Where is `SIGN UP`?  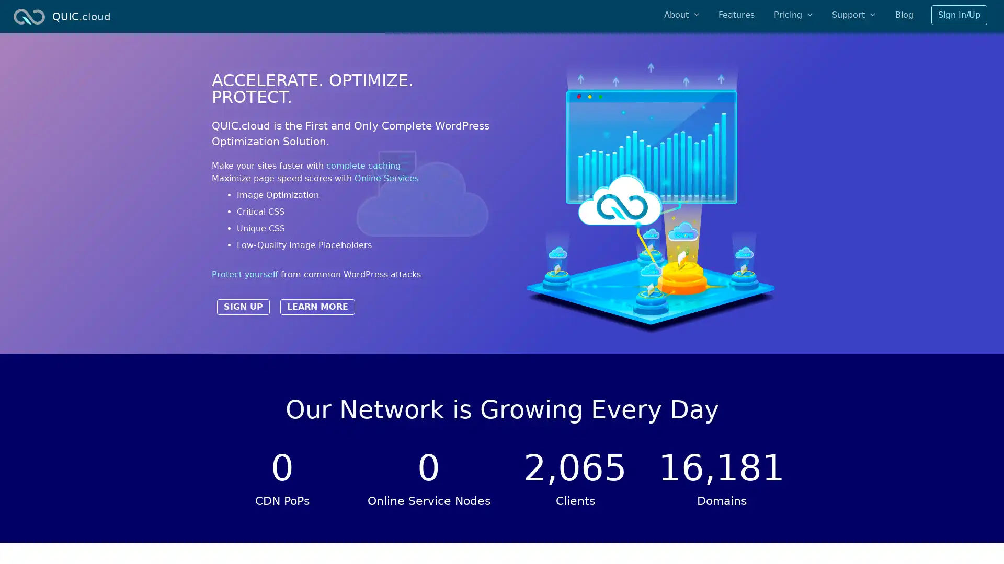 SIGN UP is located at coordinates (243, 306).